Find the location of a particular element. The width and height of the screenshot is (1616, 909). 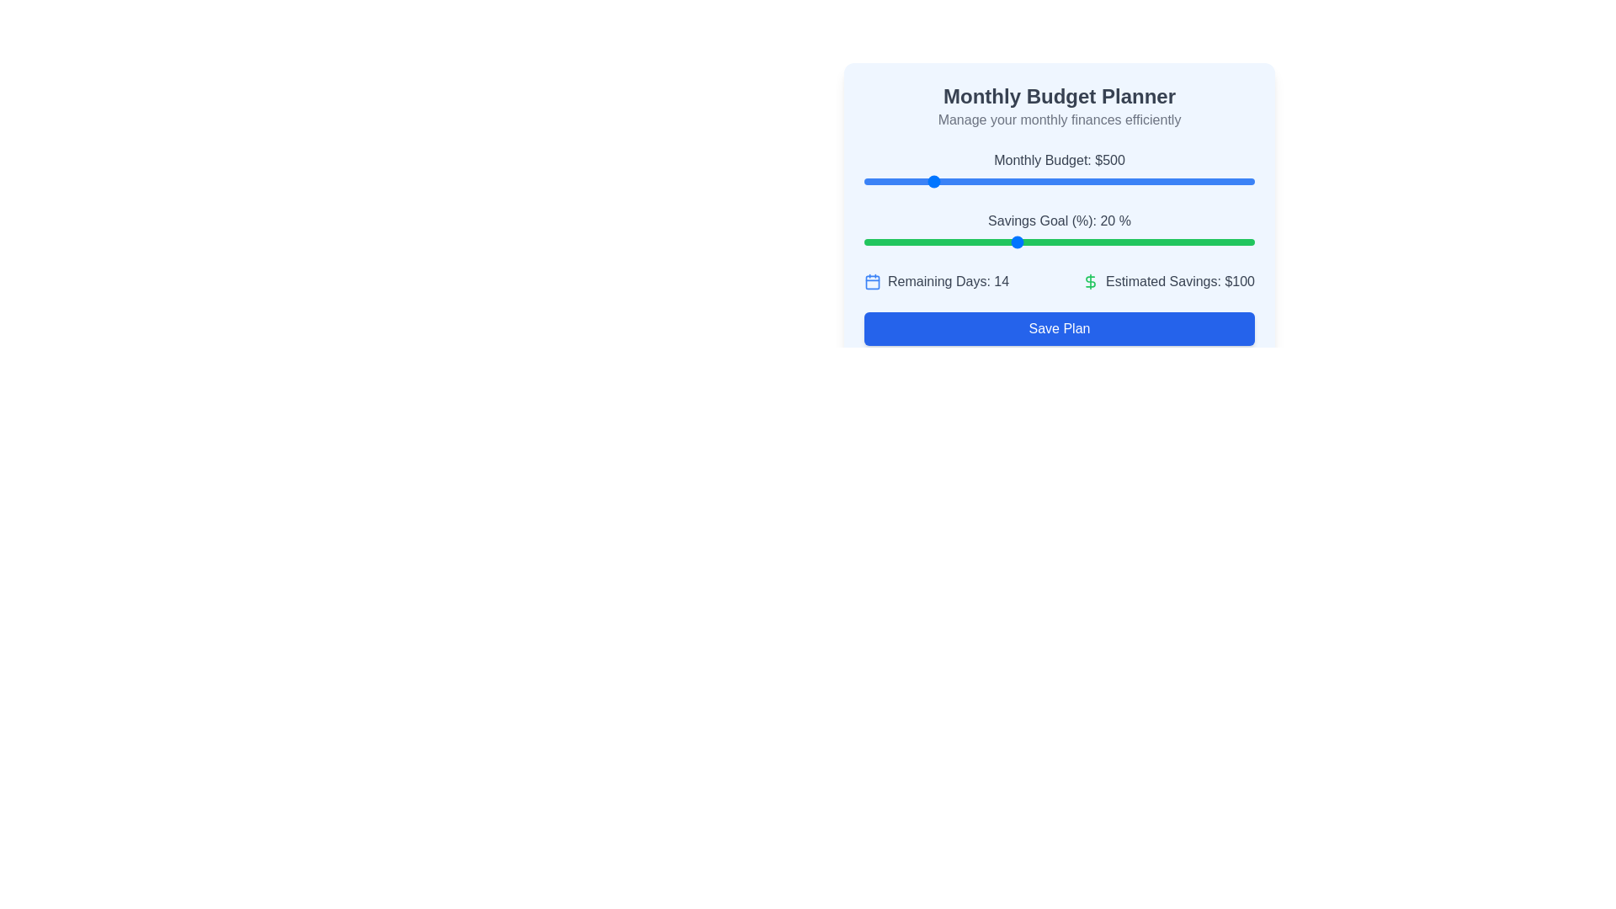

the Savings Goal (%) is located at coordinates (887, 242).